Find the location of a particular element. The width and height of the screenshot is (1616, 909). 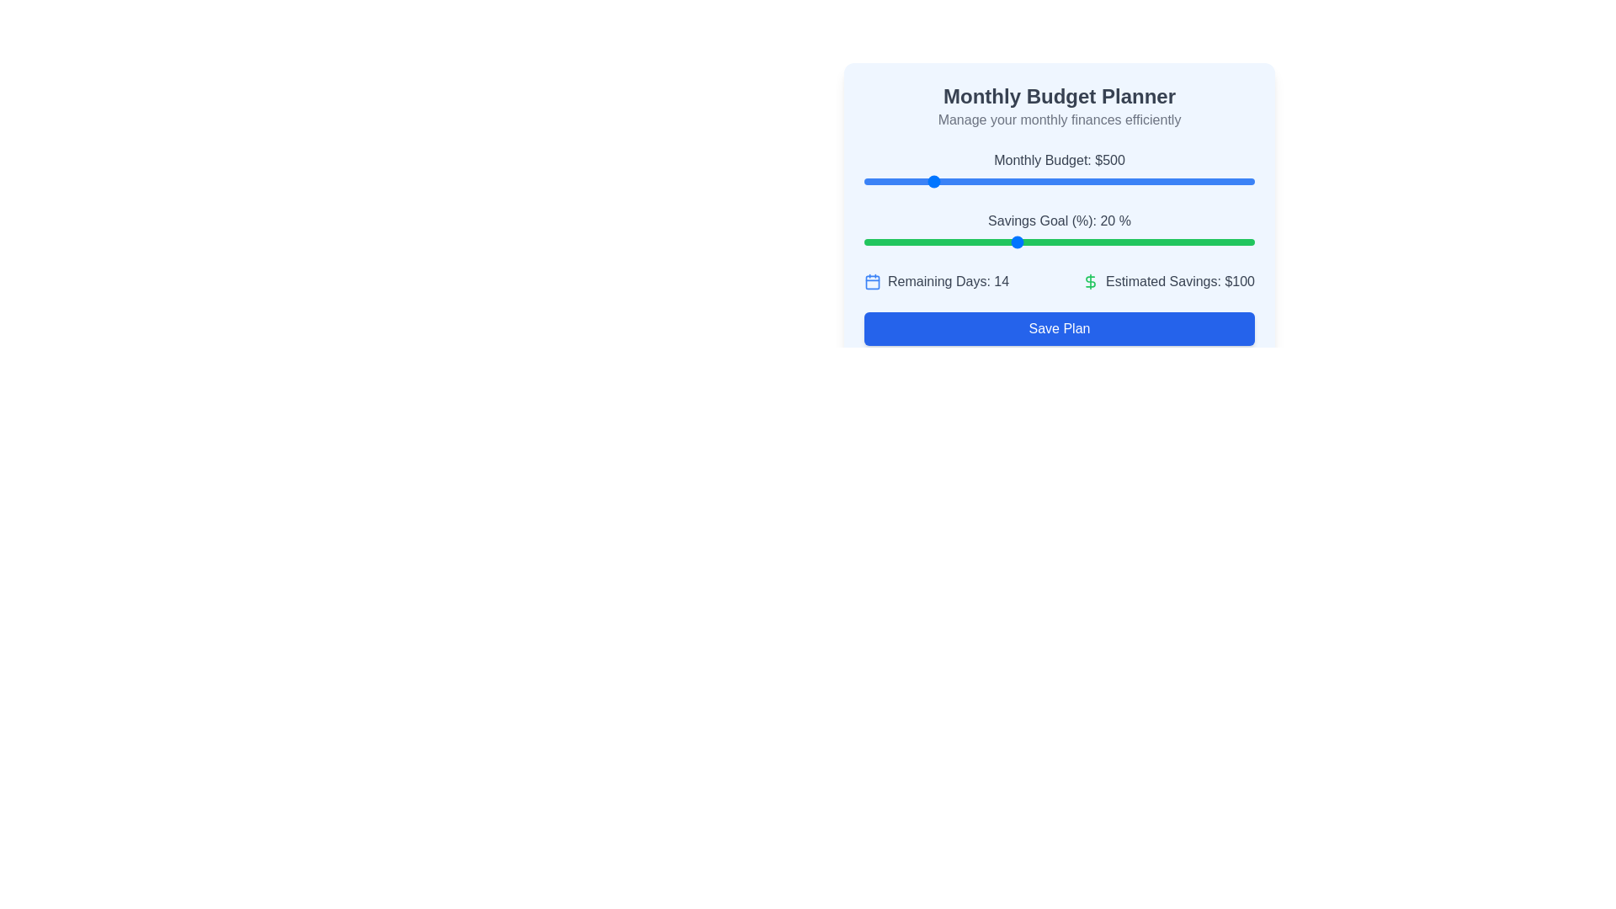

the Savings Goal (%) is located at coordinates (887, 242).